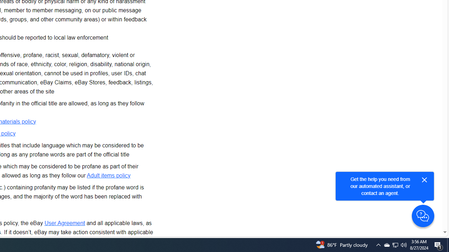 The width and height of the screenshot is (449, 252). What do you see at coordinates (424, 180) in the screenshot?
I see `'Close'` at bounding box center [424, 180].